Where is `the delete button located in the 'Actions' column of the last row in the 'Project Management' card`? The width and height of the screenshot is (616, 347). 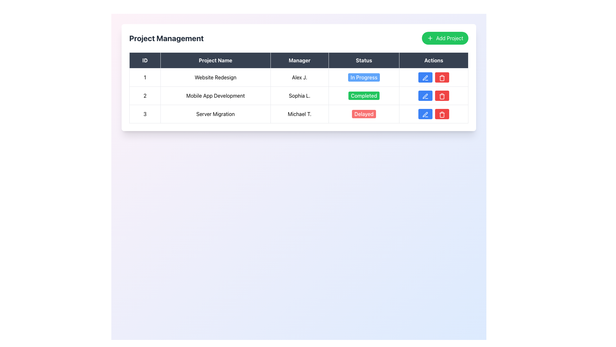 the delete button located in the 'Actions' column of the last row in the 'Project Management' card is located at coordinates (441, 77).